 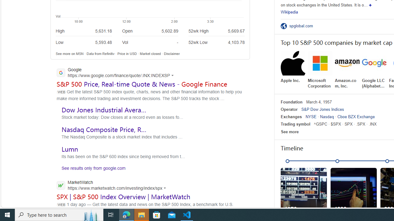 What do you see at coordinates (303, 25) in the screenshot?
I see `'spglobal.com'` at bounding box center [303, 25].